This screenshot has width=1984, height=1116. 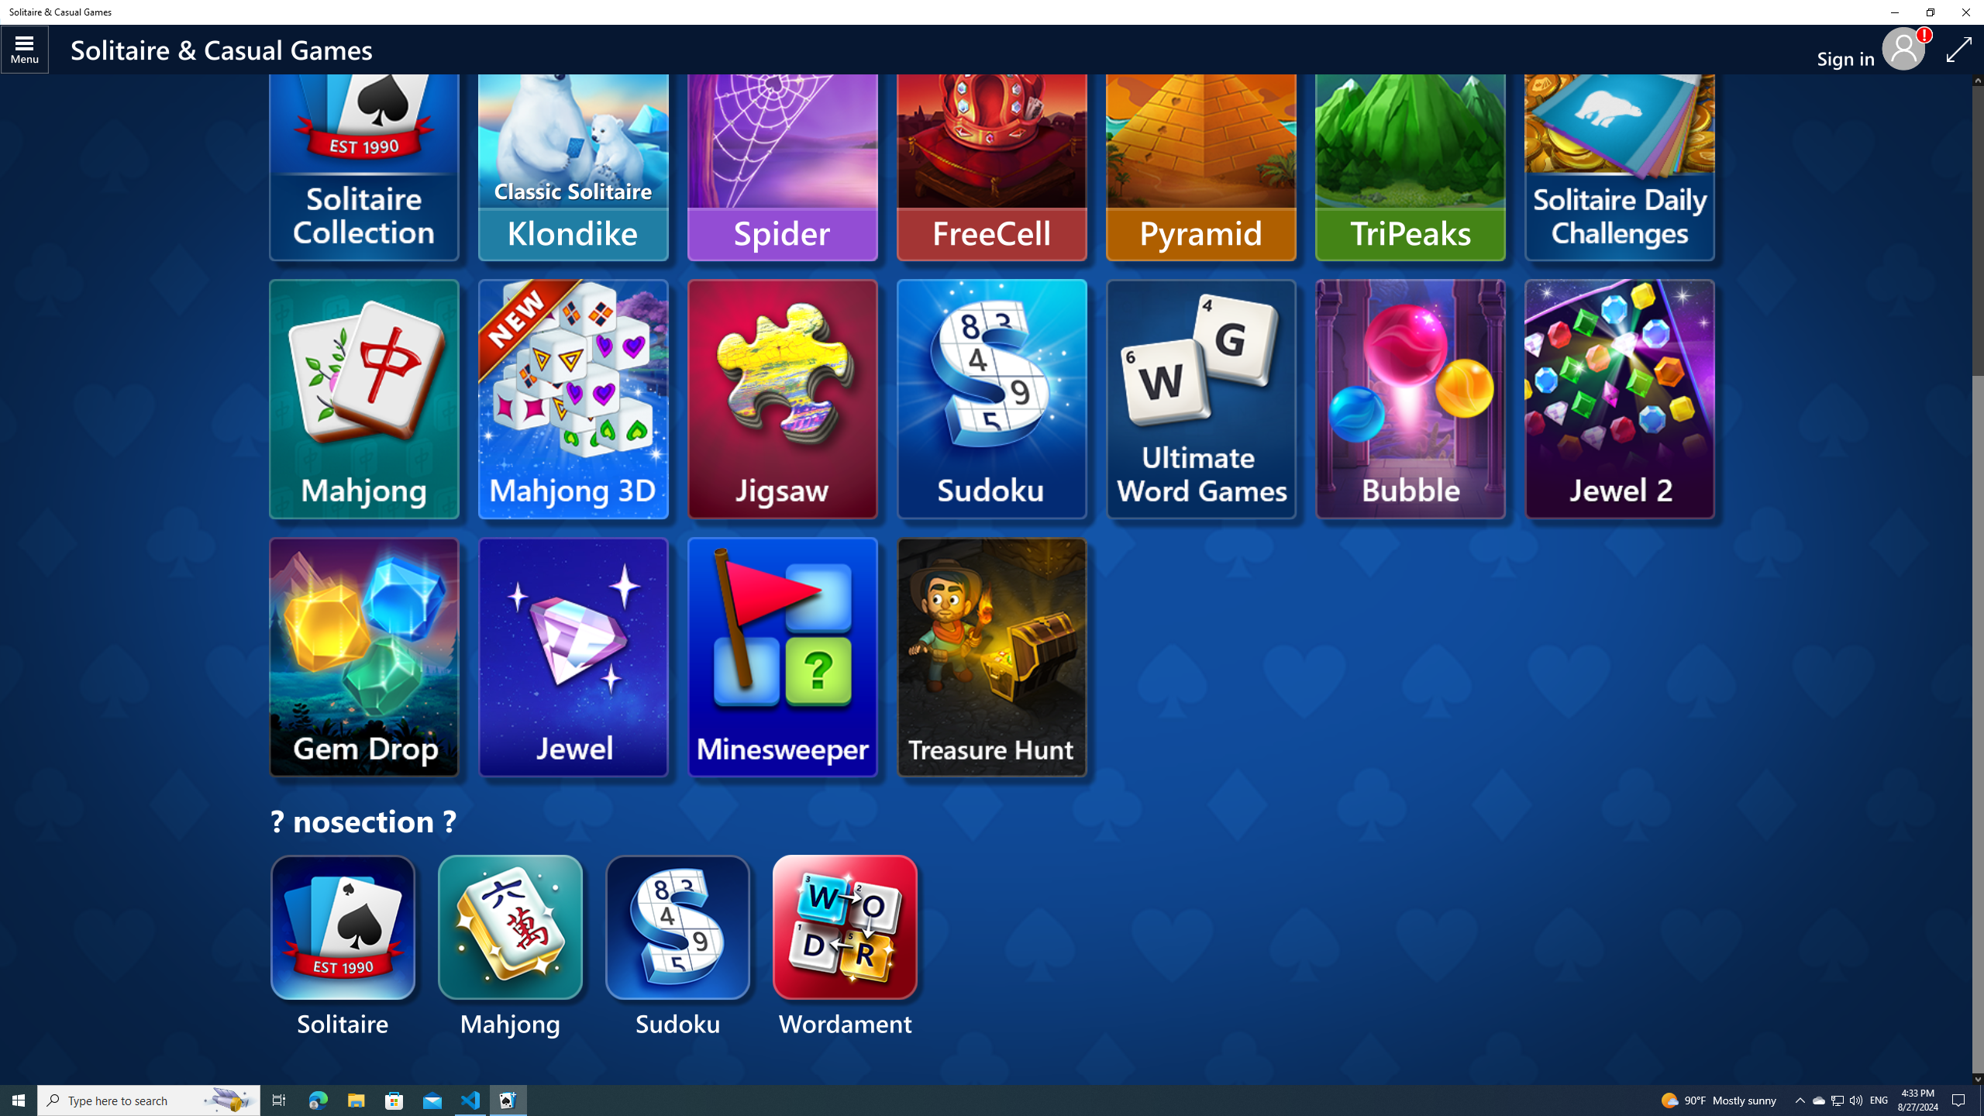 I want to click on 'Microsoft Gem Drop', so click(x=364, y=656).